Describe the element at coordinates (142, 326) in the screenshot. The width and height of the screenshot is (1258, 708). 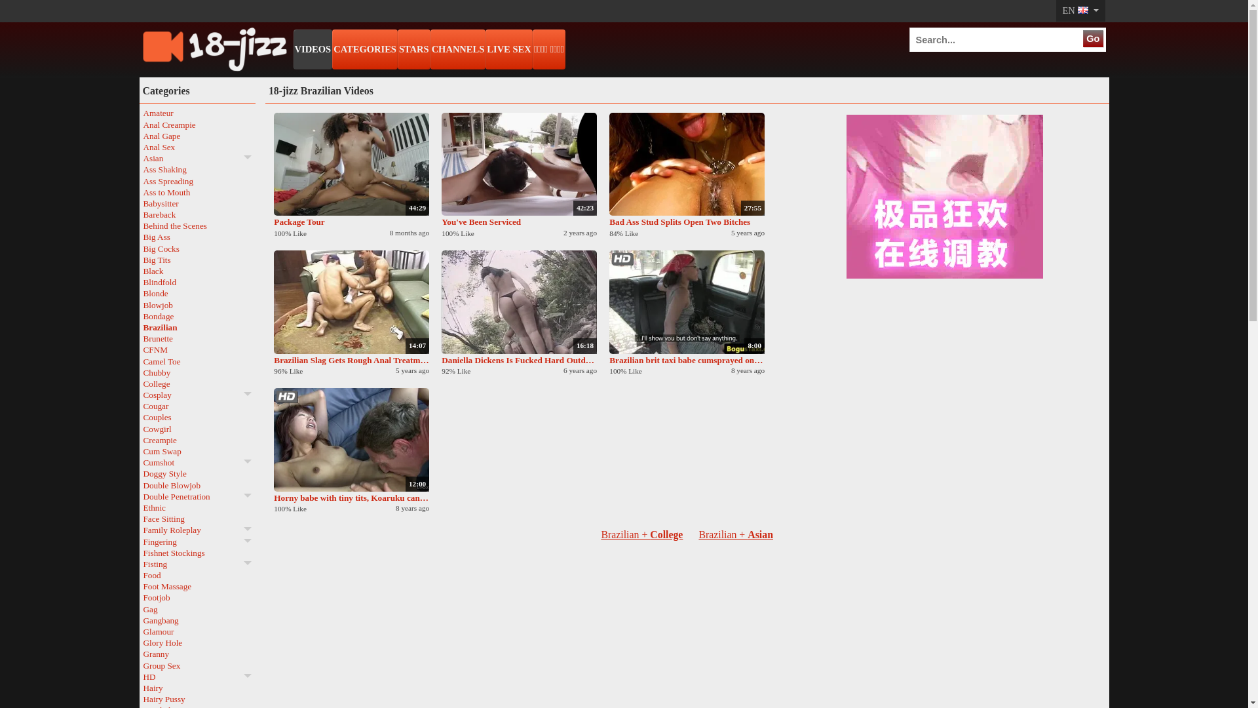
I see `'Brazilian'` at that location.